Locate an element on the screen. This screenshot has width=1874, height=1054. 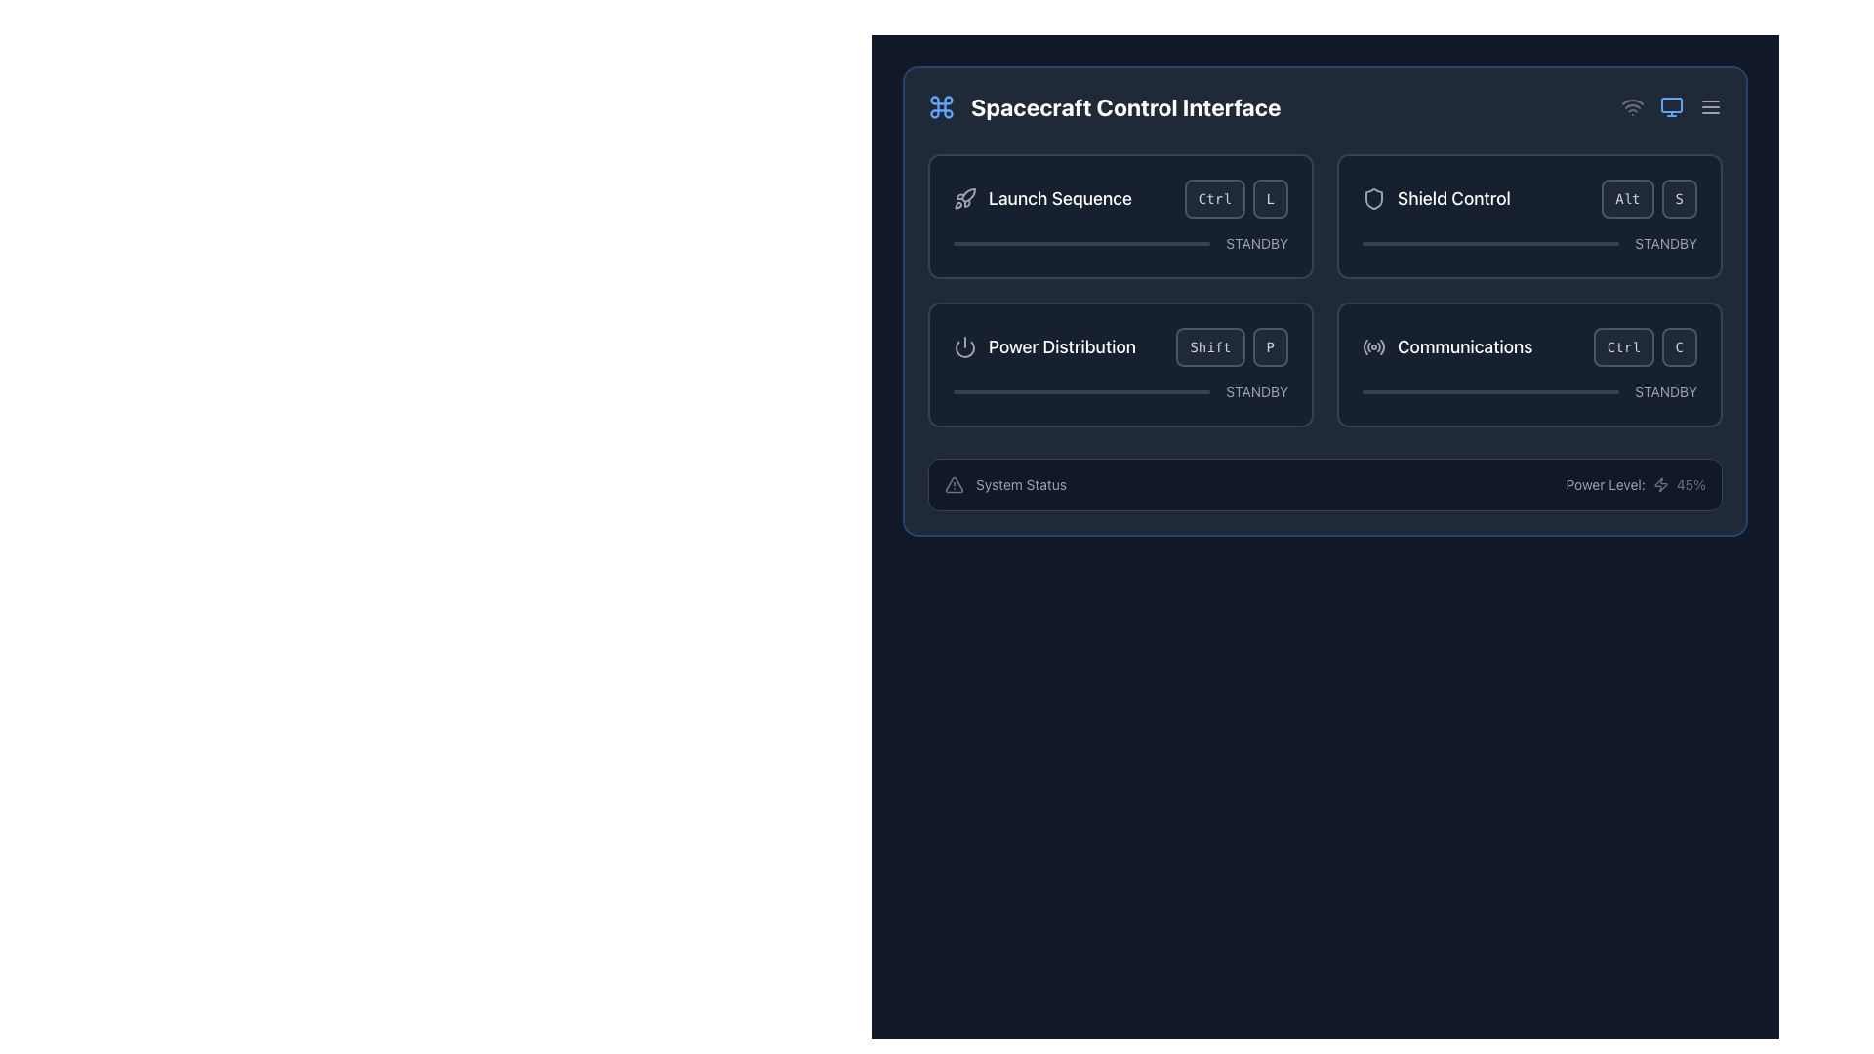
the circular power symbol icon located at the top-left corner of the 'Power Distribution' section, which features a vertical line at the top center and an open circle around it is located at coordinates (964, 345).